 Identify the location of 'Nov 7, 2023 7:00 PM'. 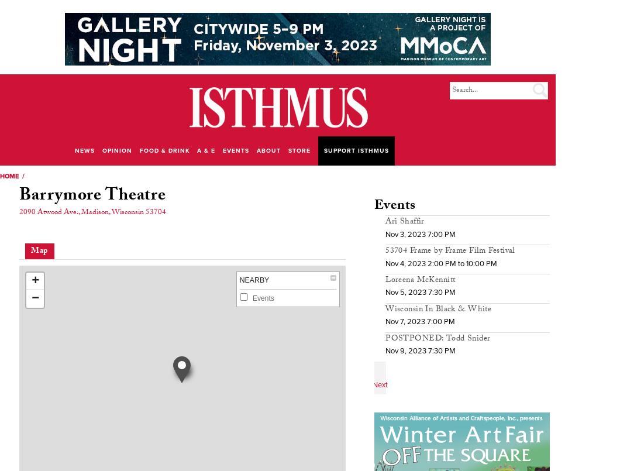
(419, 321).